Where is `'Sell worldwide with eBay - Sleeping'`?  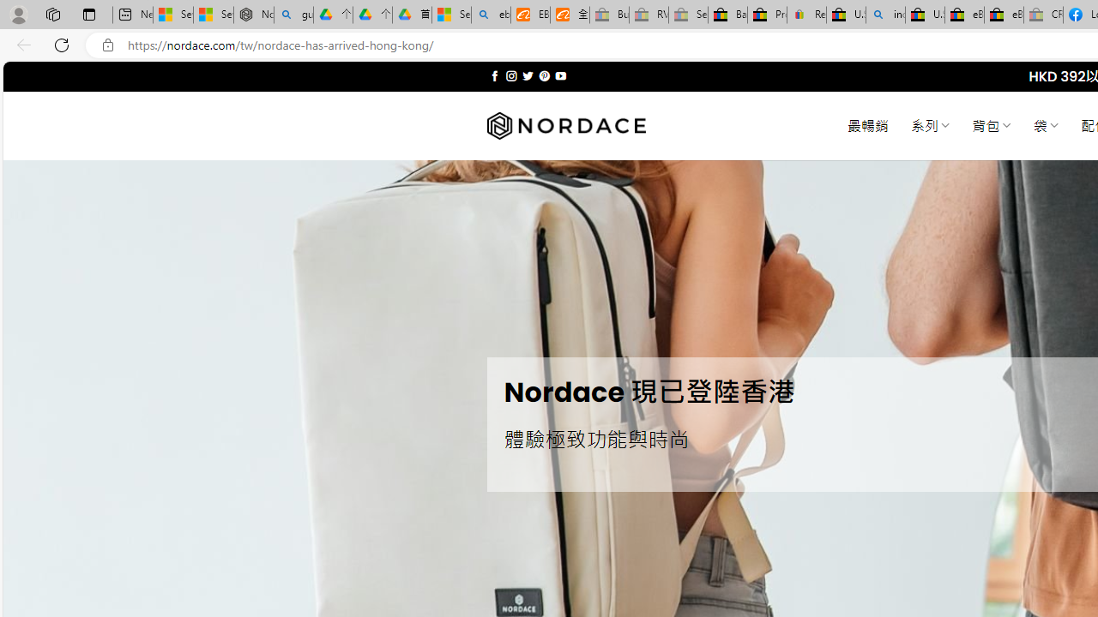 'Sell worldwide with eBay - Sleeping' is located at coordinates (688, 15).